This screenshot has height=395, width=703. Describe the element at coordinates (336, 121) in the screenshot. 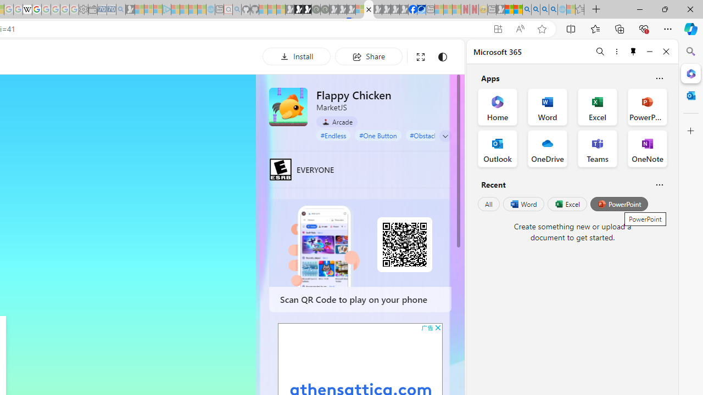

I see `'Arcade'` at that location.